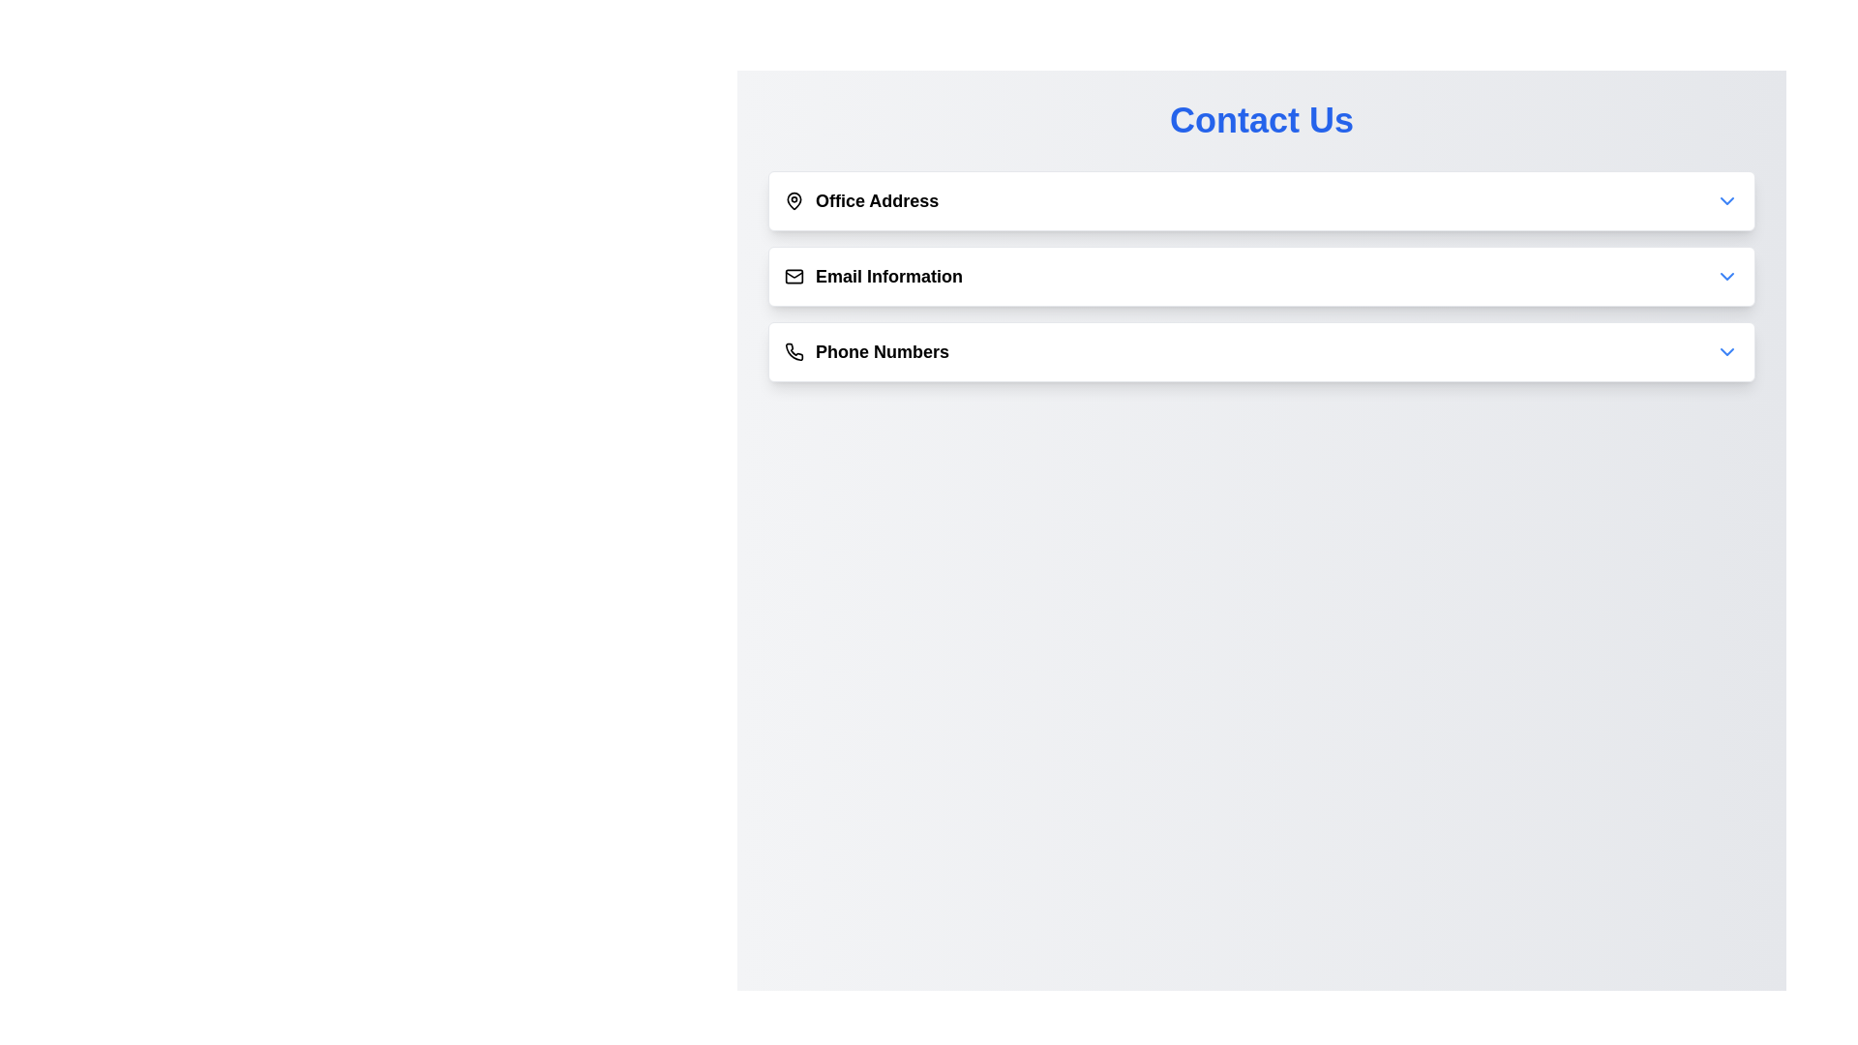  I want to click on the 'Office Address' label with an icon located at the top of the vertically stacked list under the 'Contact Us' header, so click(860, 201).